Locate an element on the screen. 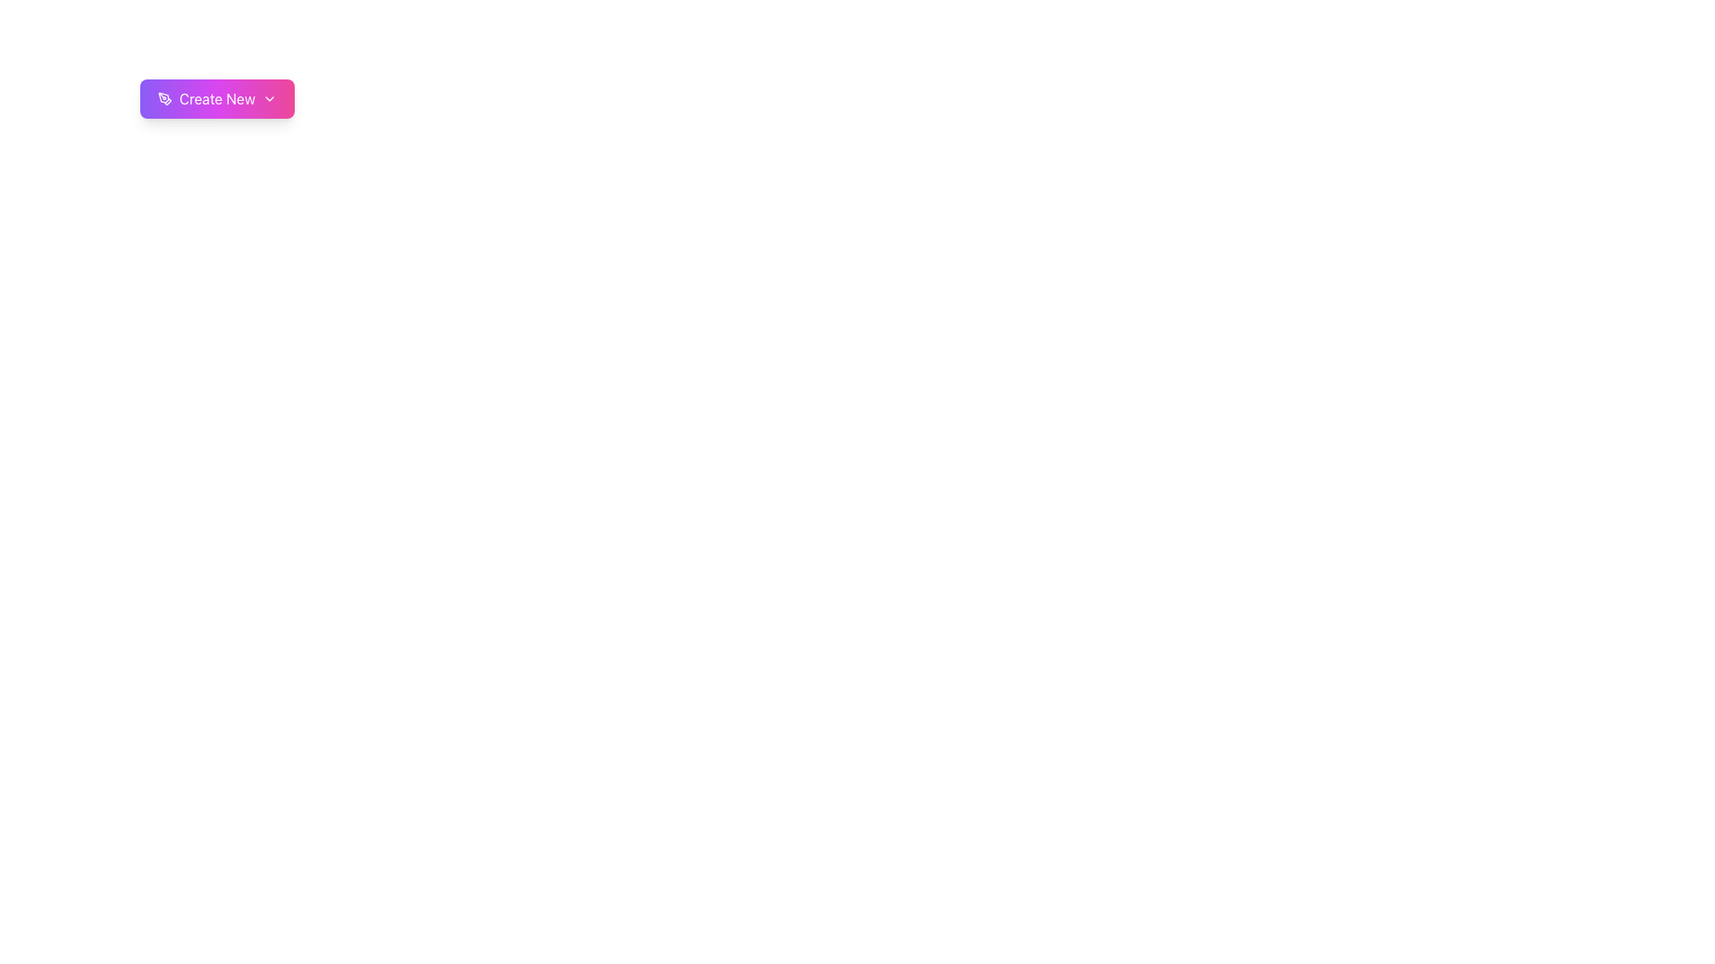  the small icon located on the left side of the 'Create New' button, which has a vibrant gradient from purple to pink is located at coordinates (163, 97).